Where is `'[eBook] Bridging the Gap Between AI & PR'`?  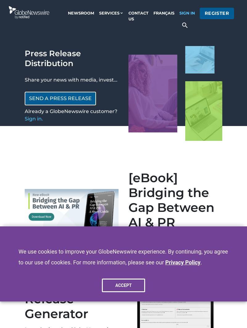
'[eBook] Bridging the Gap Between AI & PR' is located at coordinates (171, 200).